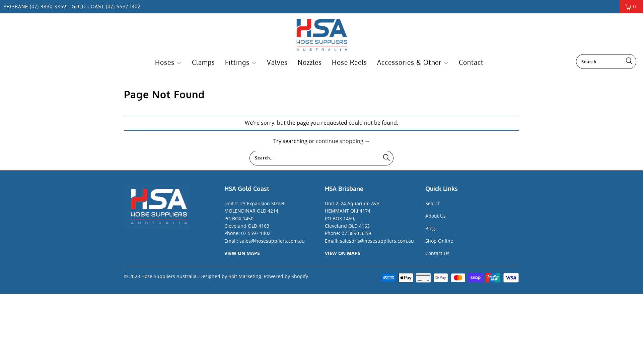  What do you see at coordinates (203, 63) in the screenshot?
I see `'Clamps'` at bounding box center [203, 63].